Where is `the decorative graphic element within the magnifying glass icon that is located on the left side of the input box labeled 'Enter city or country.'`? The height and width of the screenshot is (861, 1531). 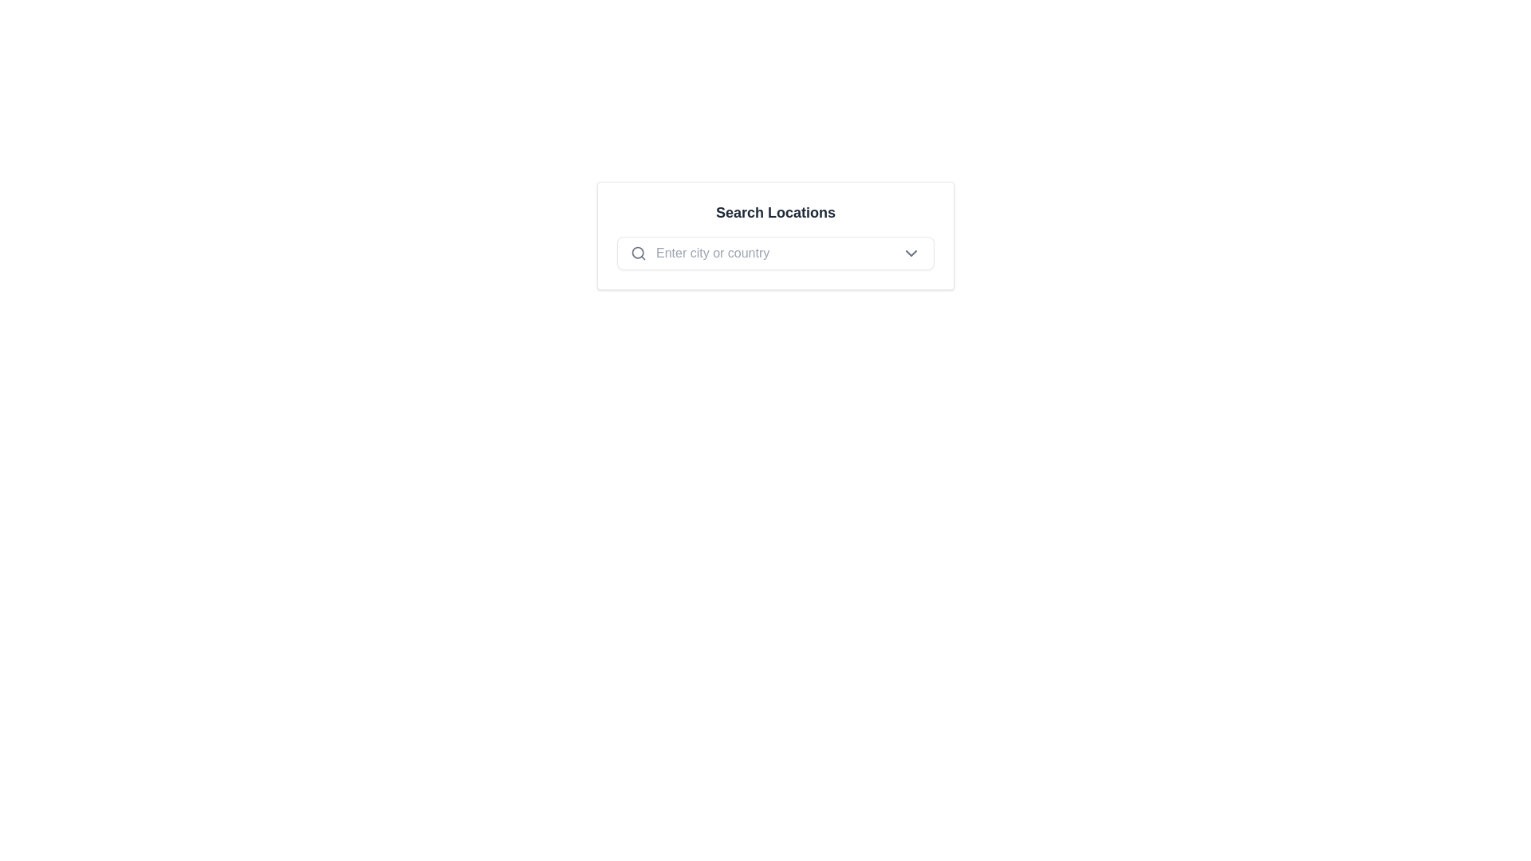 the decorative graphic element within the magnifying glass icon that is located on the left side of the input box labeled 'Enter city or country.' is located at coordinates (638, 252).